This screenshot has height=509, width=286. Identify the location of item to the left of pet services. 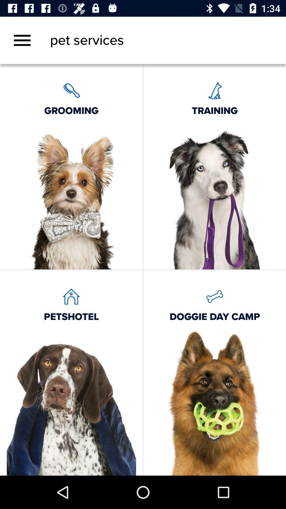
(22, 40).